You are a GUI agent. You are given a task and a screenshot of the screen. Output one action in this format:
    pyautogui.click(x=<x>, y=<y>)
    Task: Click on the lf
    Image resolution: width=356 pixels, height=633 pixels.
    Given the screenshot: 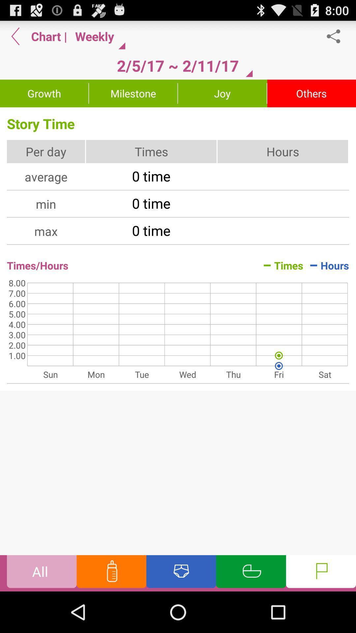 What is the action you would take?
    pyautogui.click(x=320, y=573)
    